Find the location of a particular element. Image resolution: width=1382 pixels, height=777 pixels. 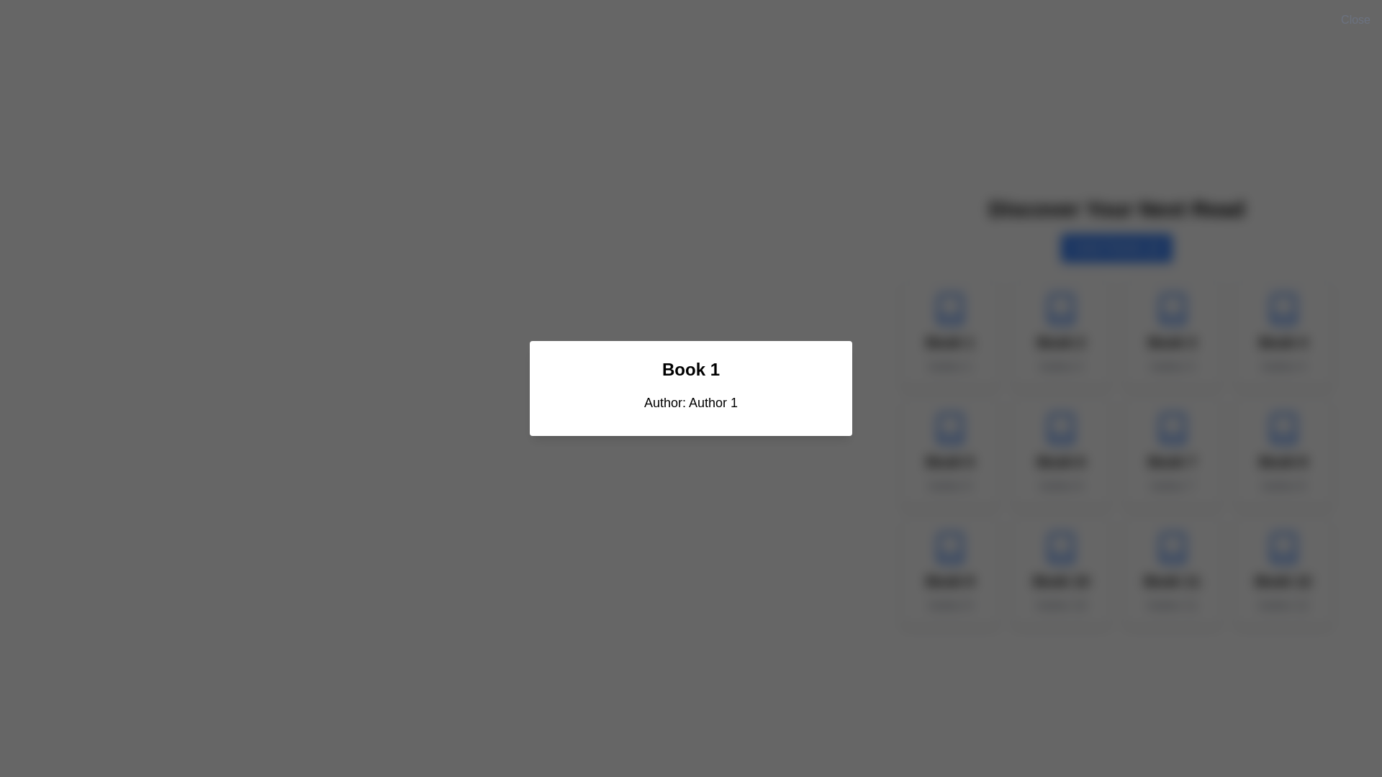

the clickable card displaying 'Book 8' by 'Author 8', located in the bottom-right section of the grid layout is located at coordinates (1283, 452).